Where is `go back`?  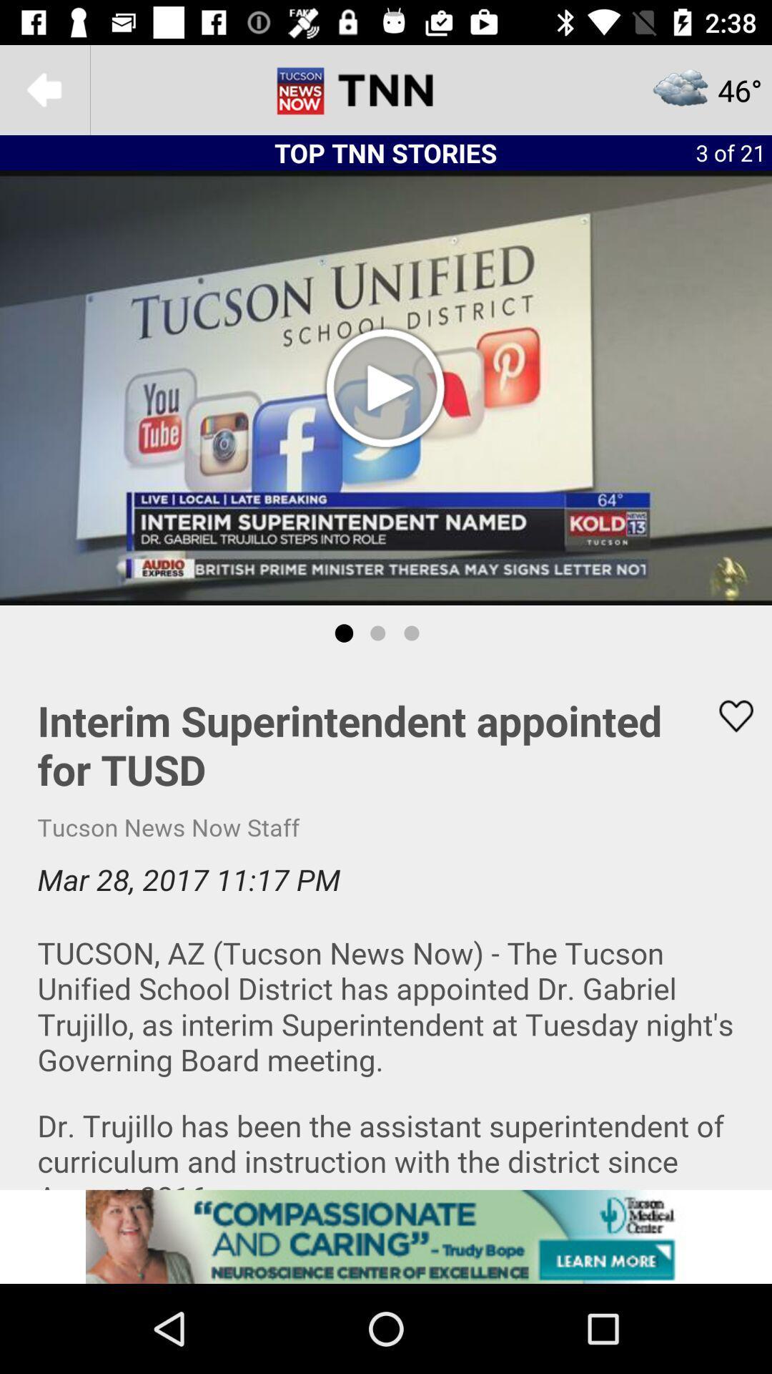 go back is located at coordinates (44, 89).